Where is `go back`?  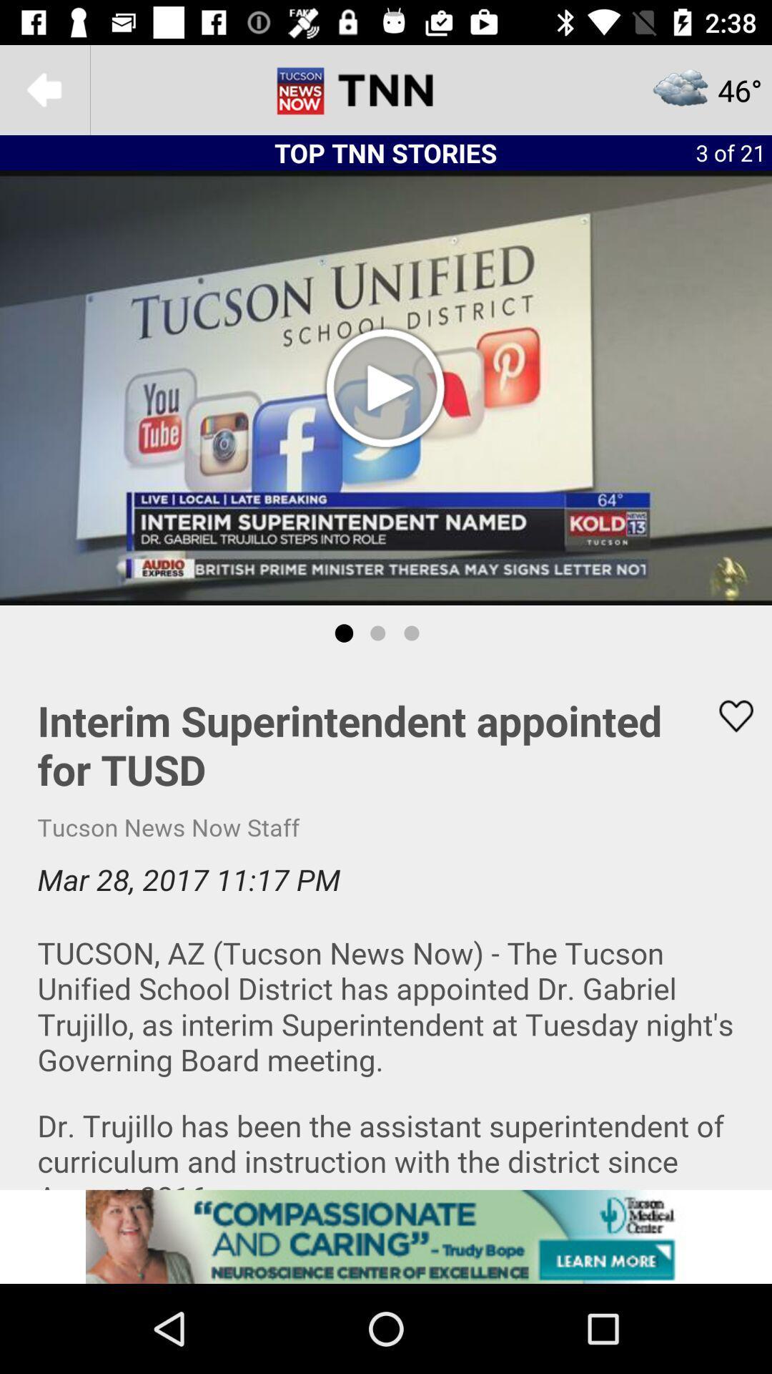 go back is located at coordinates (44, 89).